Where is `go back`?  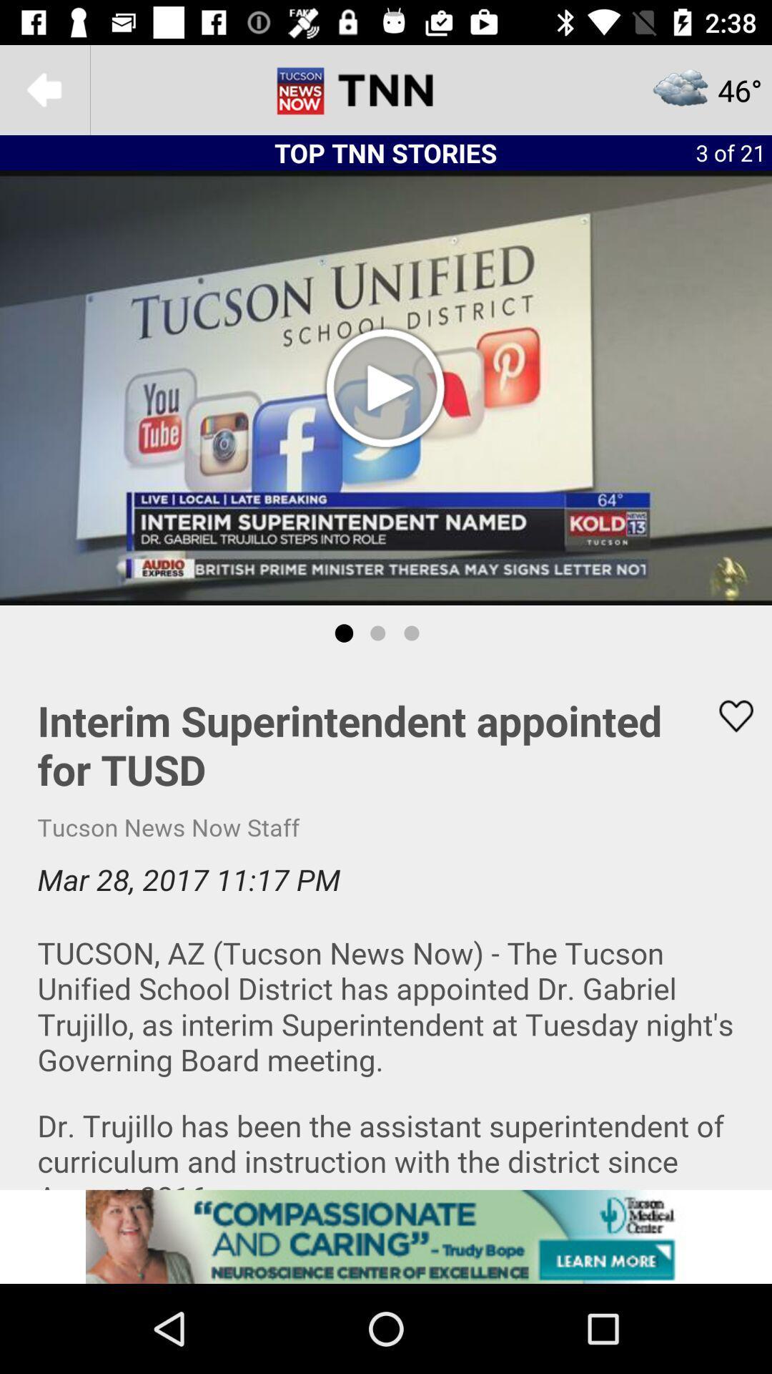 go back is located at coordinates (44, 89).